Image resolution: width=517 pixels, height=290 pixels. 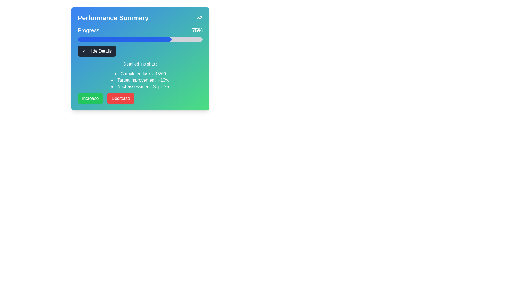 What do you see at coordinates (140, 80) in the screenshot?
I see `the bullet list displaying performance metrics, which includes 'Completed tasks: 45/60', 'Target improvement: +10%', and 'Next assessment: Sept. 25'` at bounding box center [140, 80].